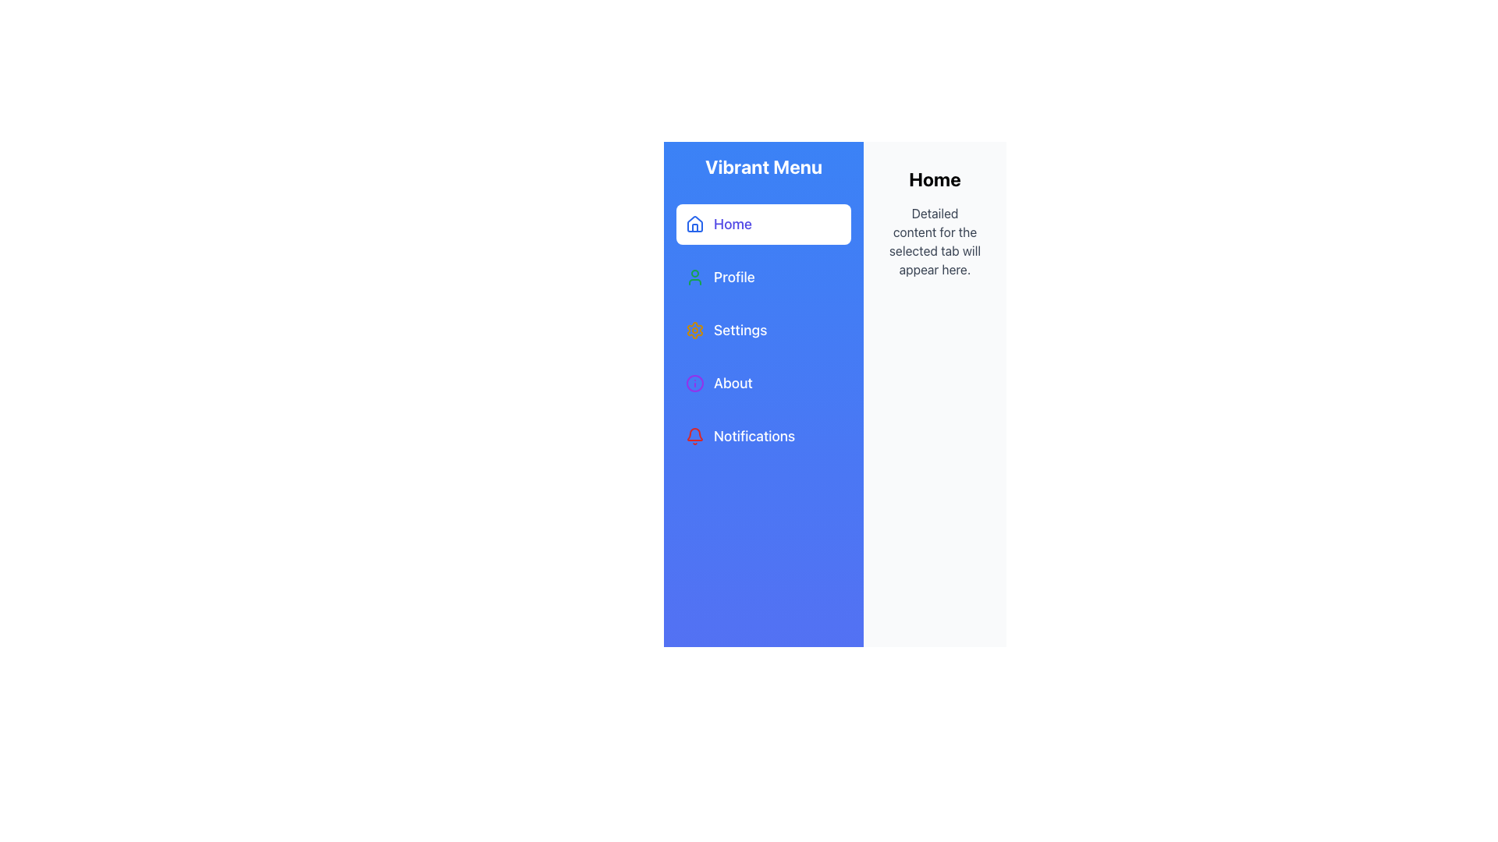  Describe the element at coordinates (694, 330) in the screenshot. I see `the outline part of the gear icon in the 'Settings' menu option located on the left sidebar, as part of navigating to the settings` at that location.